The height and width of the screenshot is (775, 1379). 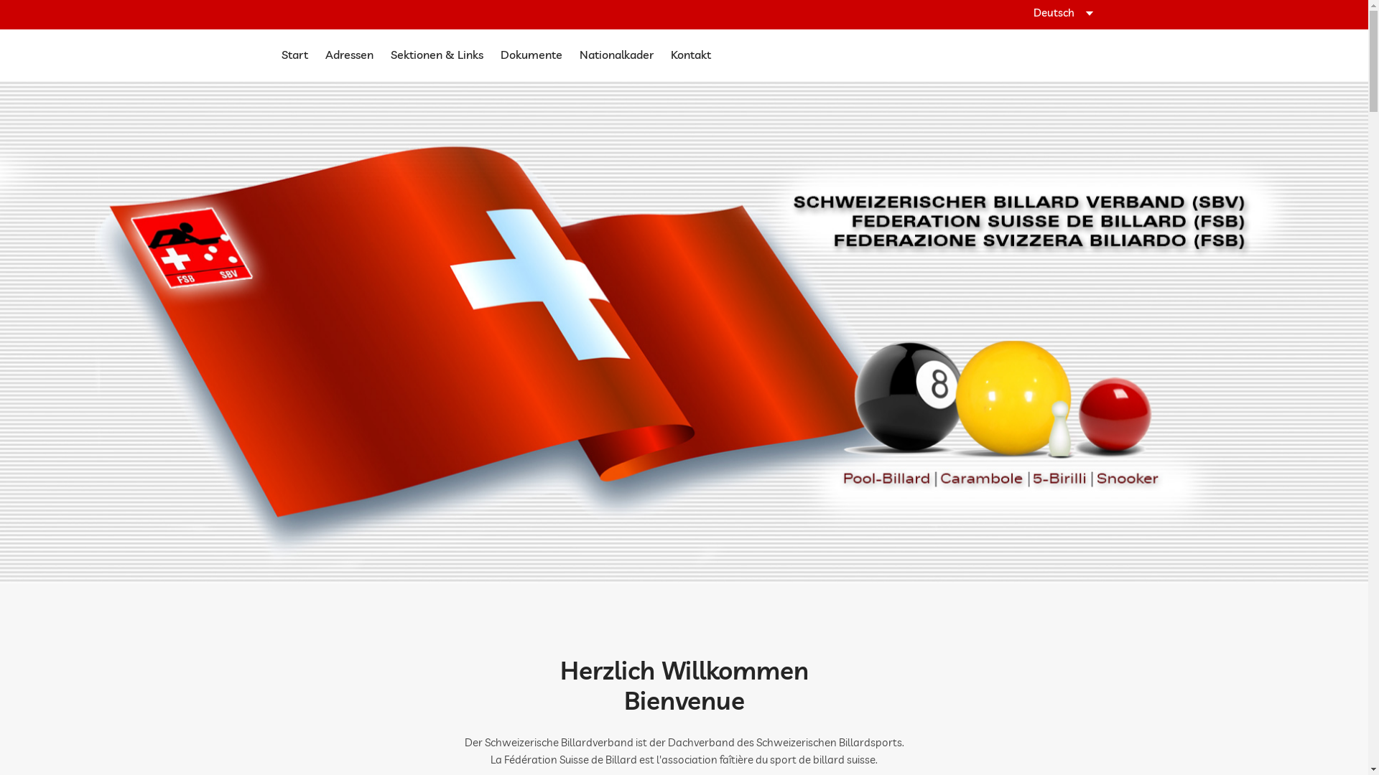 I want to click on 'Kontakt', so click(x=690, y=55).